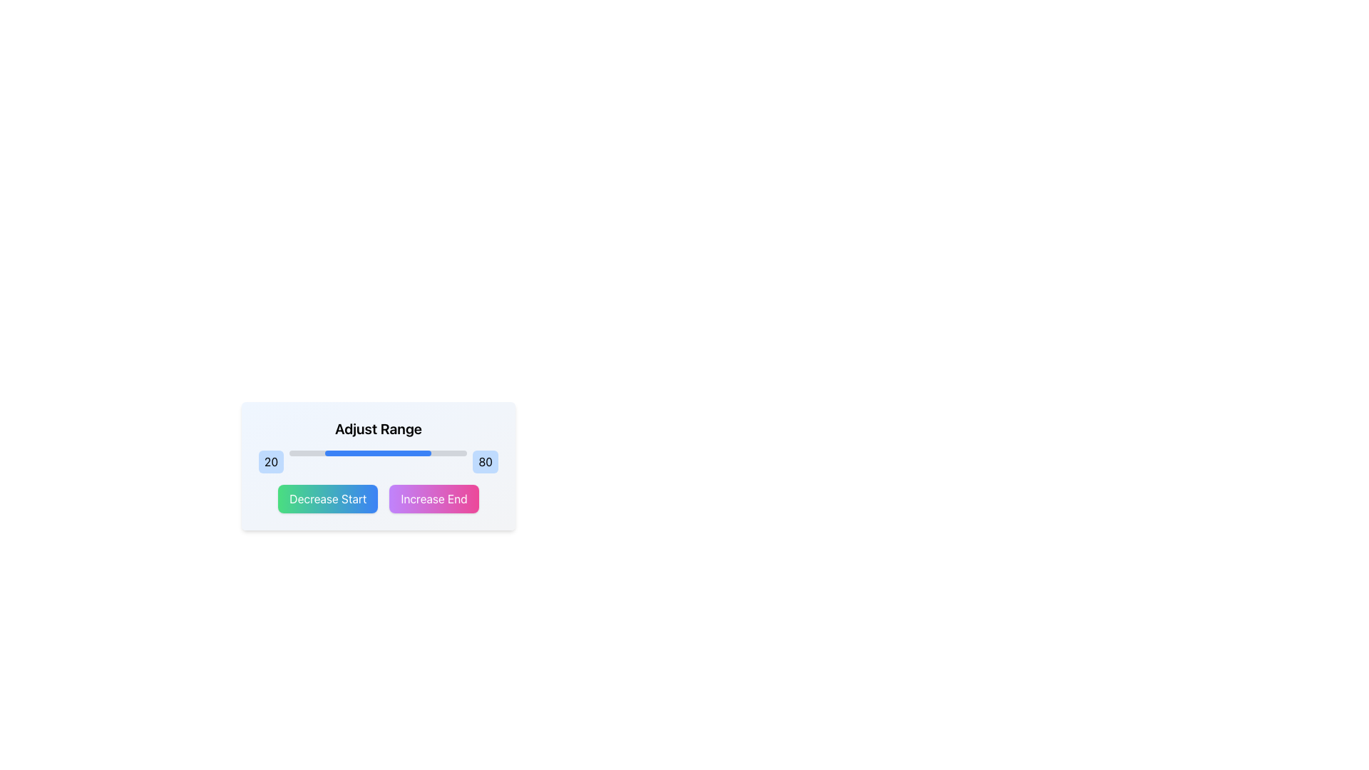 This screenshot has height=770, width=1369. Describe the element at coordinates (486, 462) in the screenshot. I see `the Numeric Label displaying the number '80' with a blue background and bold black font, located at the right end of the horizontal layout` at that location.